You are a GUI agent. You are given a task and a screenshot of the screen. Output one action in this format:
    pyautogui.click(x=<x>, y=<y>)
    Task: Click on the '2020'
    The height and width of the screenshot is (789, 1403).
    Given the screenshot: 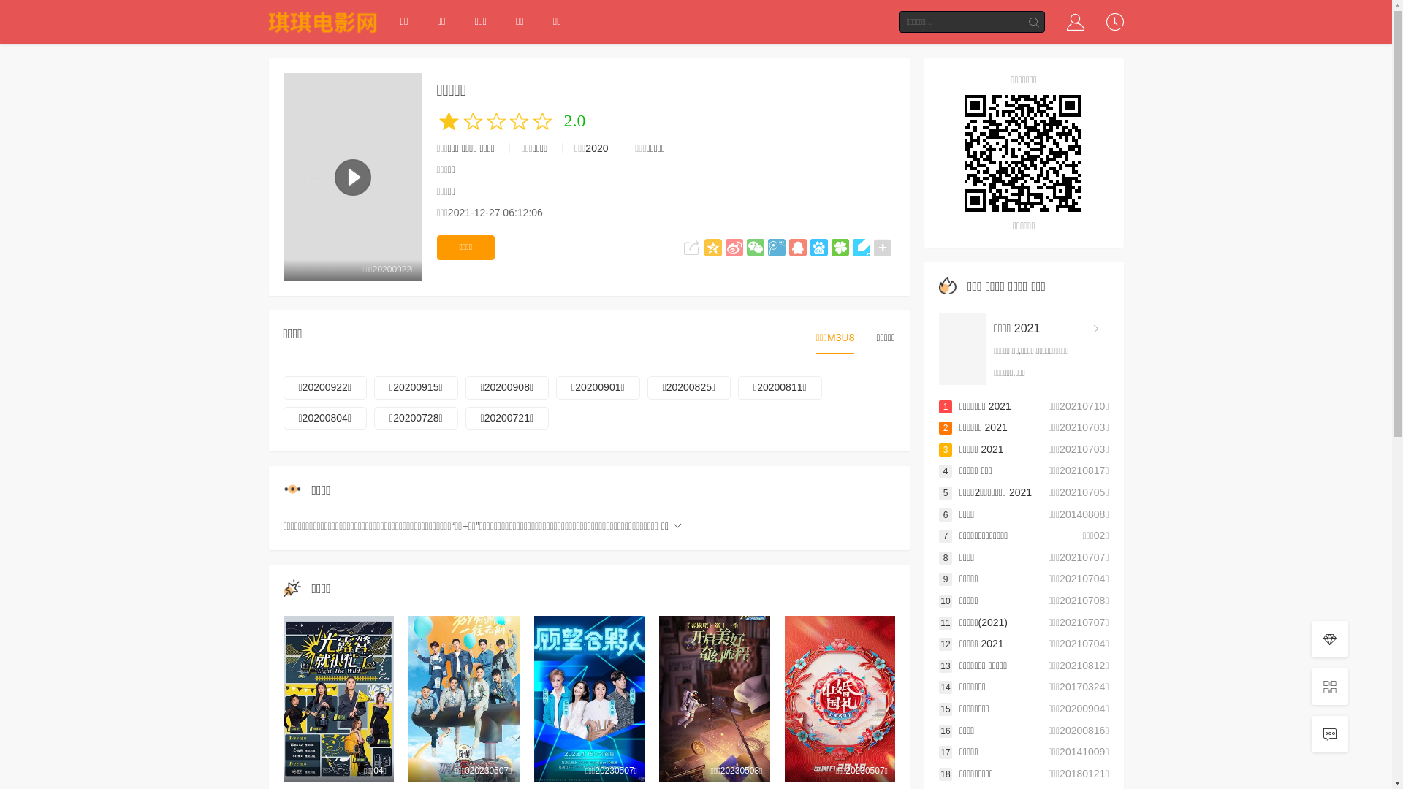 What is the action you would take?
    pyautogui.click(x=596, y=148)
    